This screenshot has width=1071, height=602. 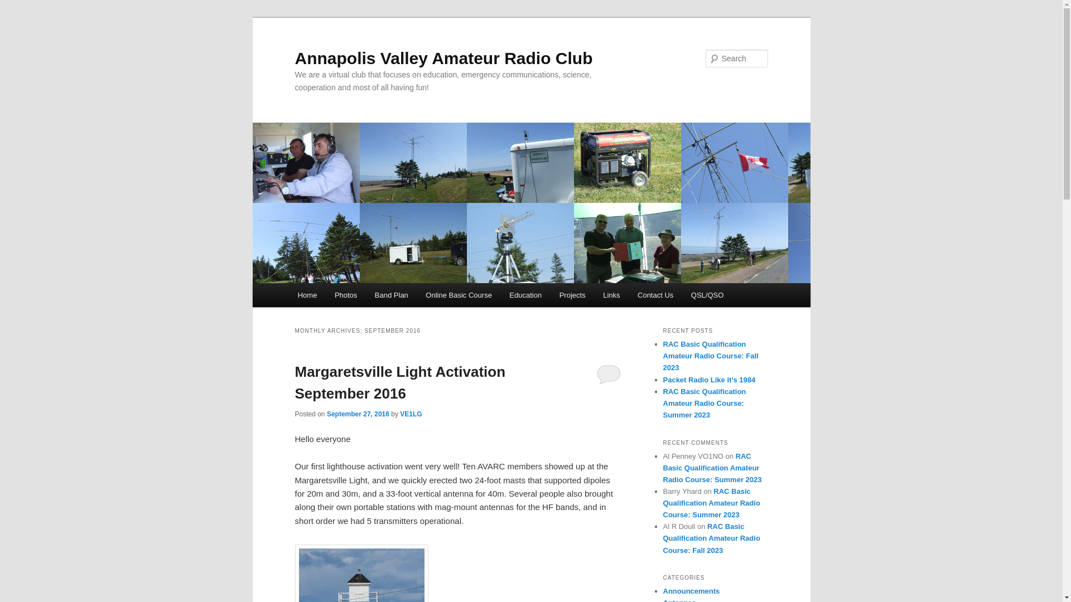 What do you see at coordinates (459, 294) in the screenshot?
I see `'Online Basic Course'` at bounding box center [459, 294].